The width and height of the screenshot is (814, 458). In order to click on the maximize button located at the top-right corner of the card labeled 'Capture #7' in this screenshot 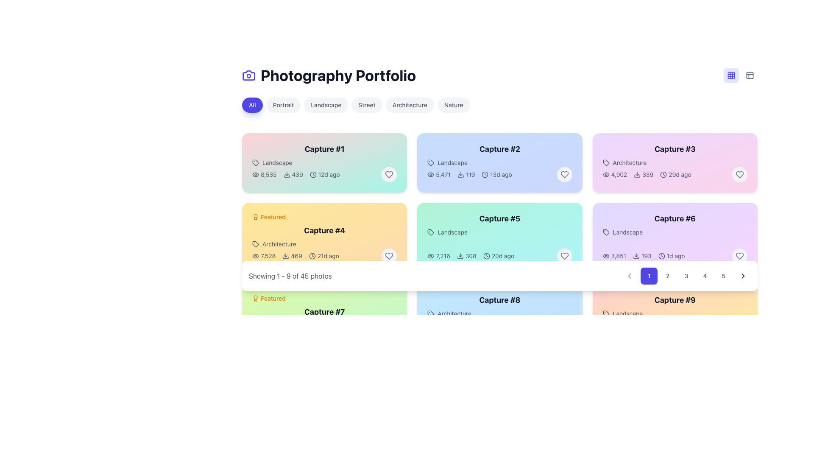, I will do `click(392, 298)`.